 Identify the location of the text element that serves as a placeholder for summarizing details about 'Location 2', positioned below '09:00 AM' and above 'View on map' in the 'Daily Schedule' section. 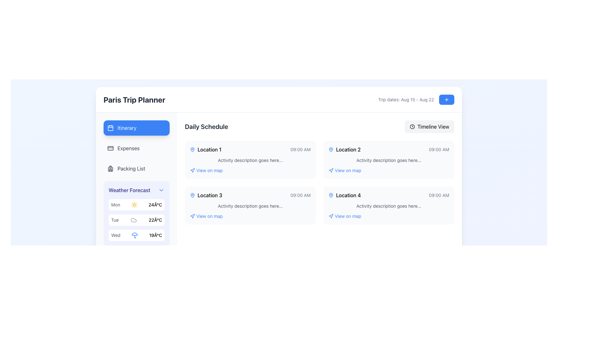
(389, 160).